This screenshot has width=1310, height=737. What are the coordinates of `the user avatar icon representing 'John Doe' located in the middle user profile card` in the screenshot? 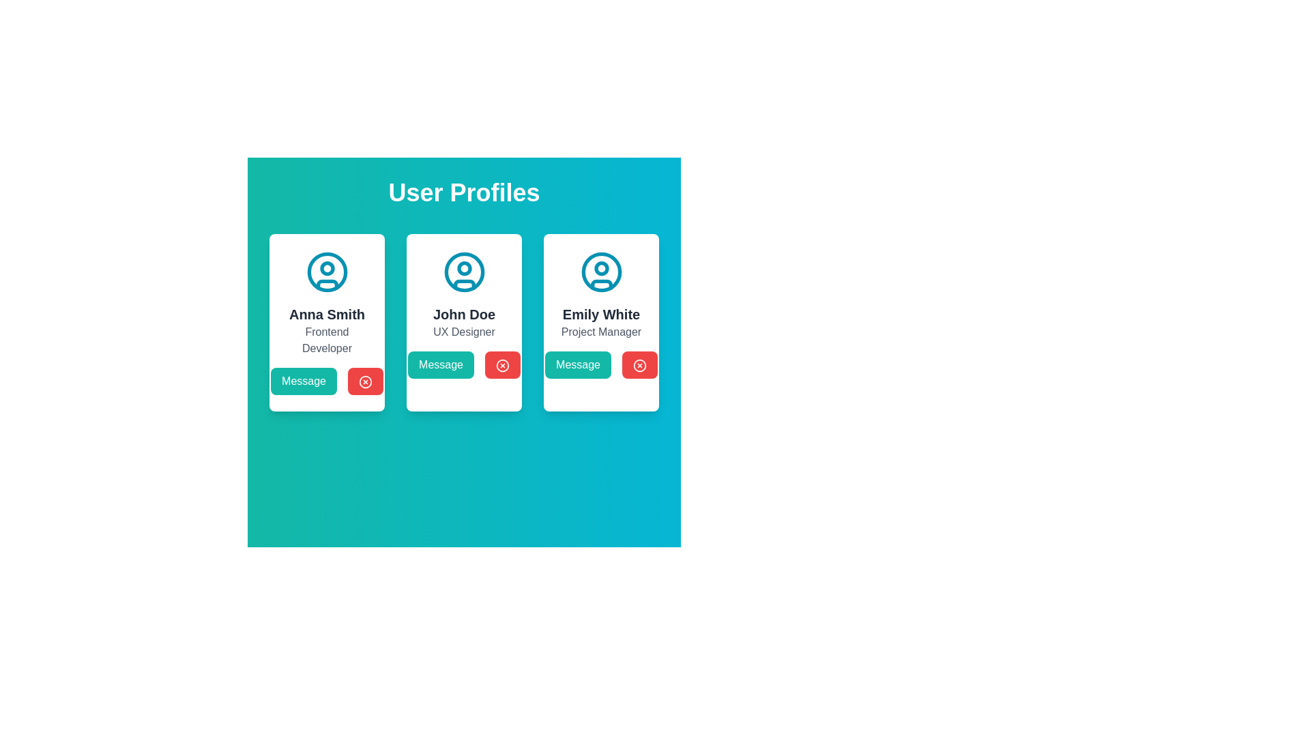 It's located at (464, 272).